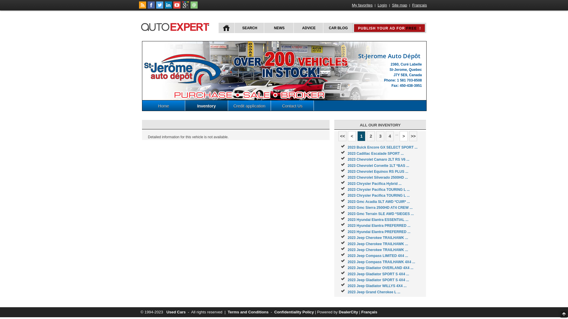 This screenshot has width=568, height=319. Describe the element at coordinates (142, 7) in the screenshot. I see `'Follow car news on autoExpert.ca'` at that location.